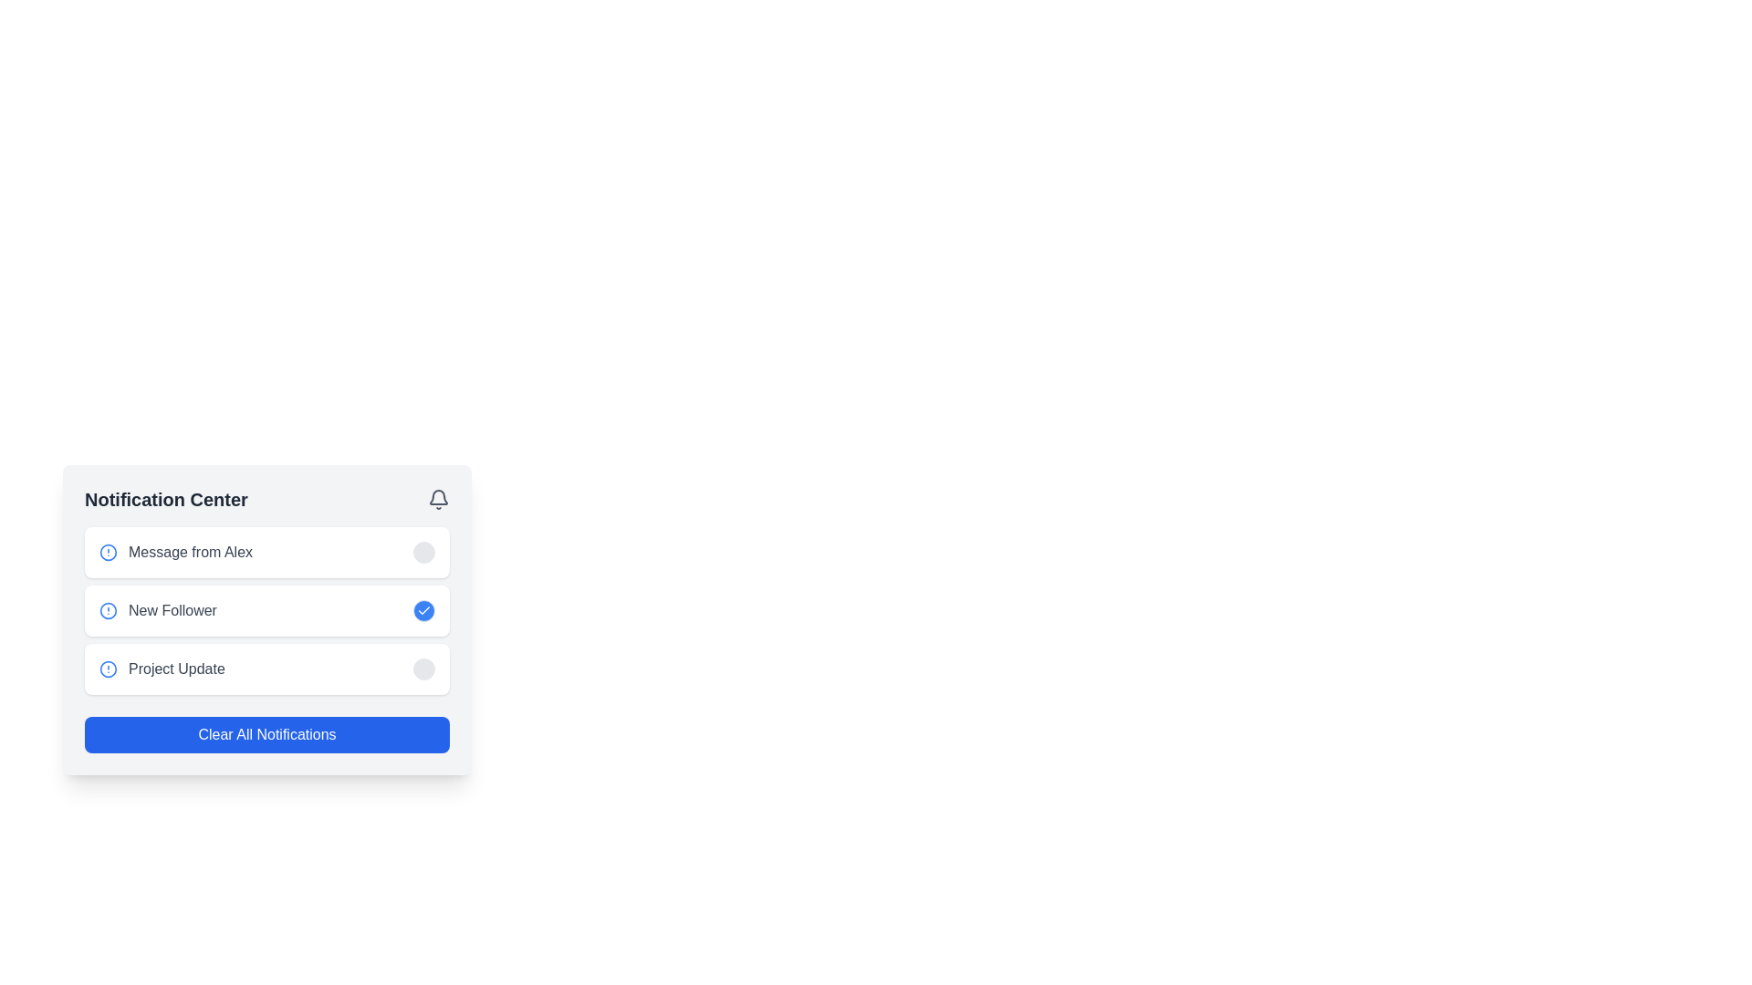  I want to click on the action button located inside the notification center panel, so click(423, 551).